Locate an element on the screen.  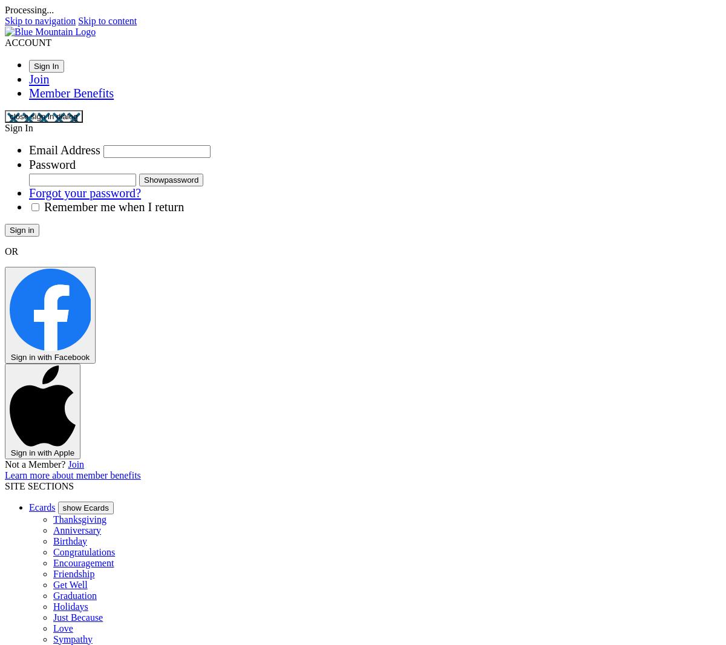
'Sympathy' is located at coordinates (53, 638).